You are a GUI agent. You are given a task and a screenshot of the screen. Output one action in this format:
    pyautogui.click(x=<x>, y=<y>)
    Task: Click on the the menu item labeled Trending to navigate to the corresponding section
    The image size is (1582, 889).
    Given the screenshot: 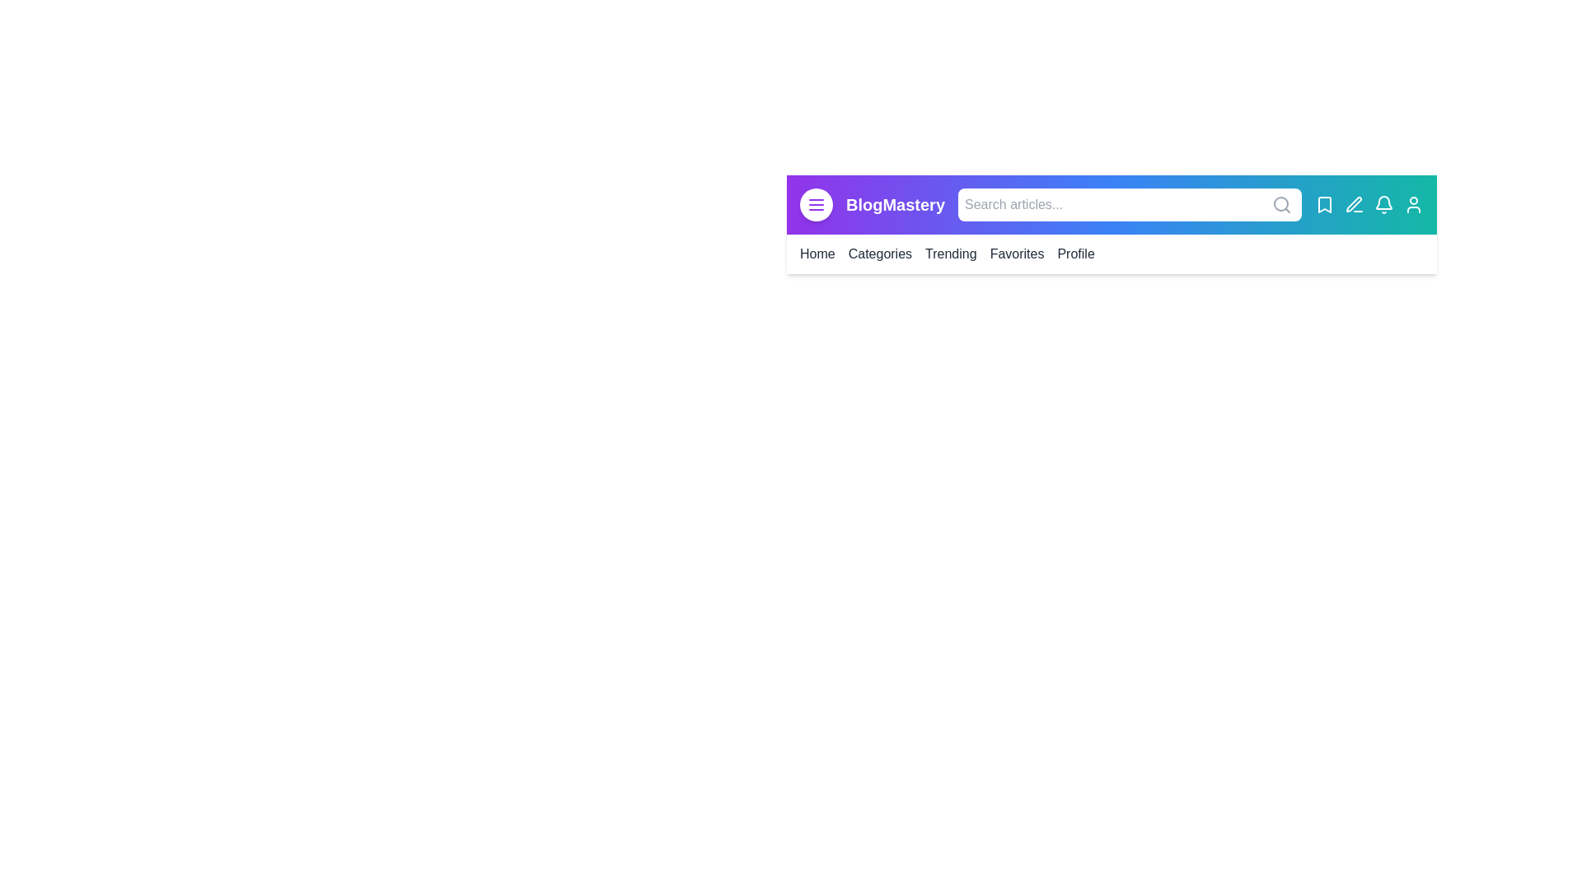 What is the action you would take?
    pyautogui.click(x=950, y=254)
    